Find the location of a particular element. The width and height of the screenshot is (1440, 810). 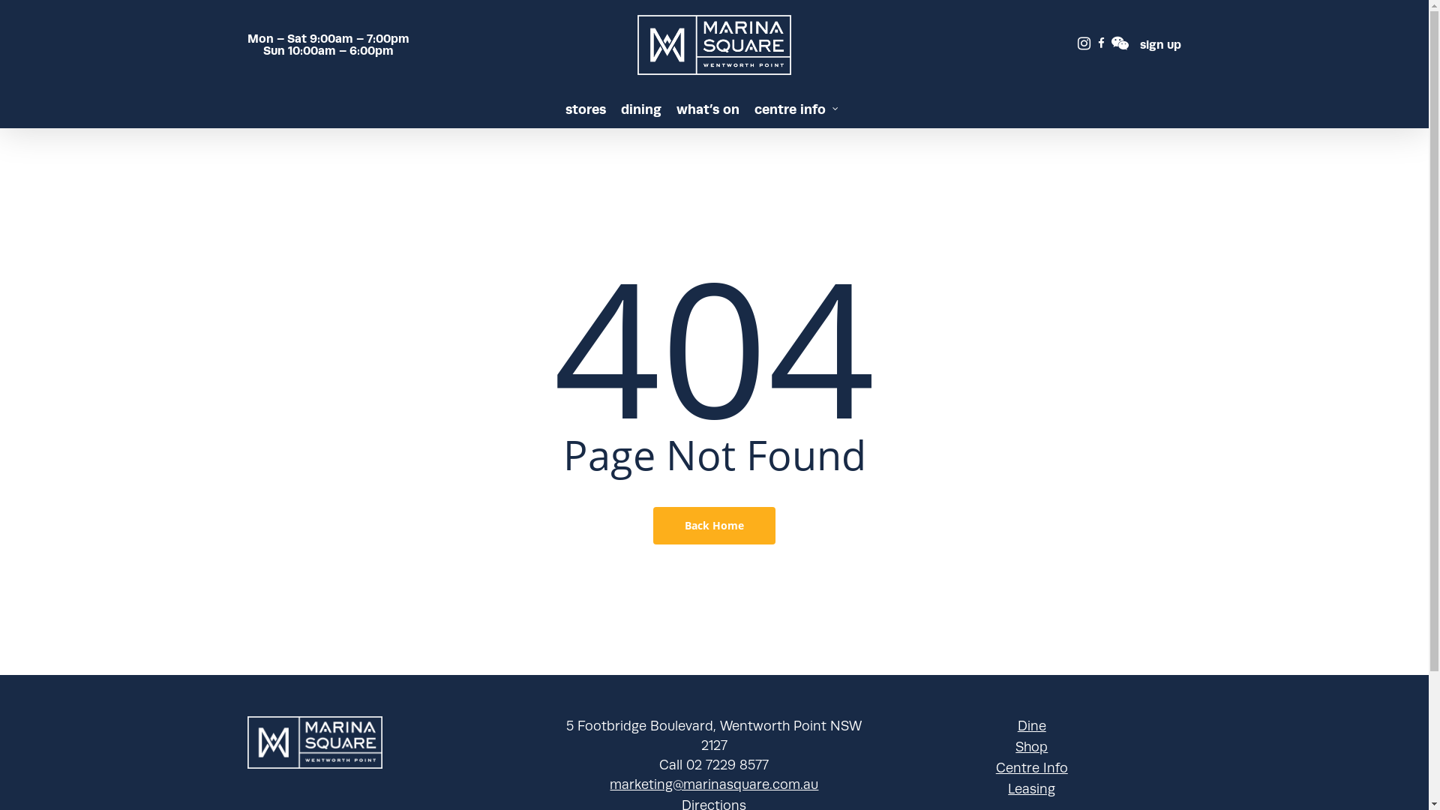

'Centre Info' is located at coordinates (1031, 769).